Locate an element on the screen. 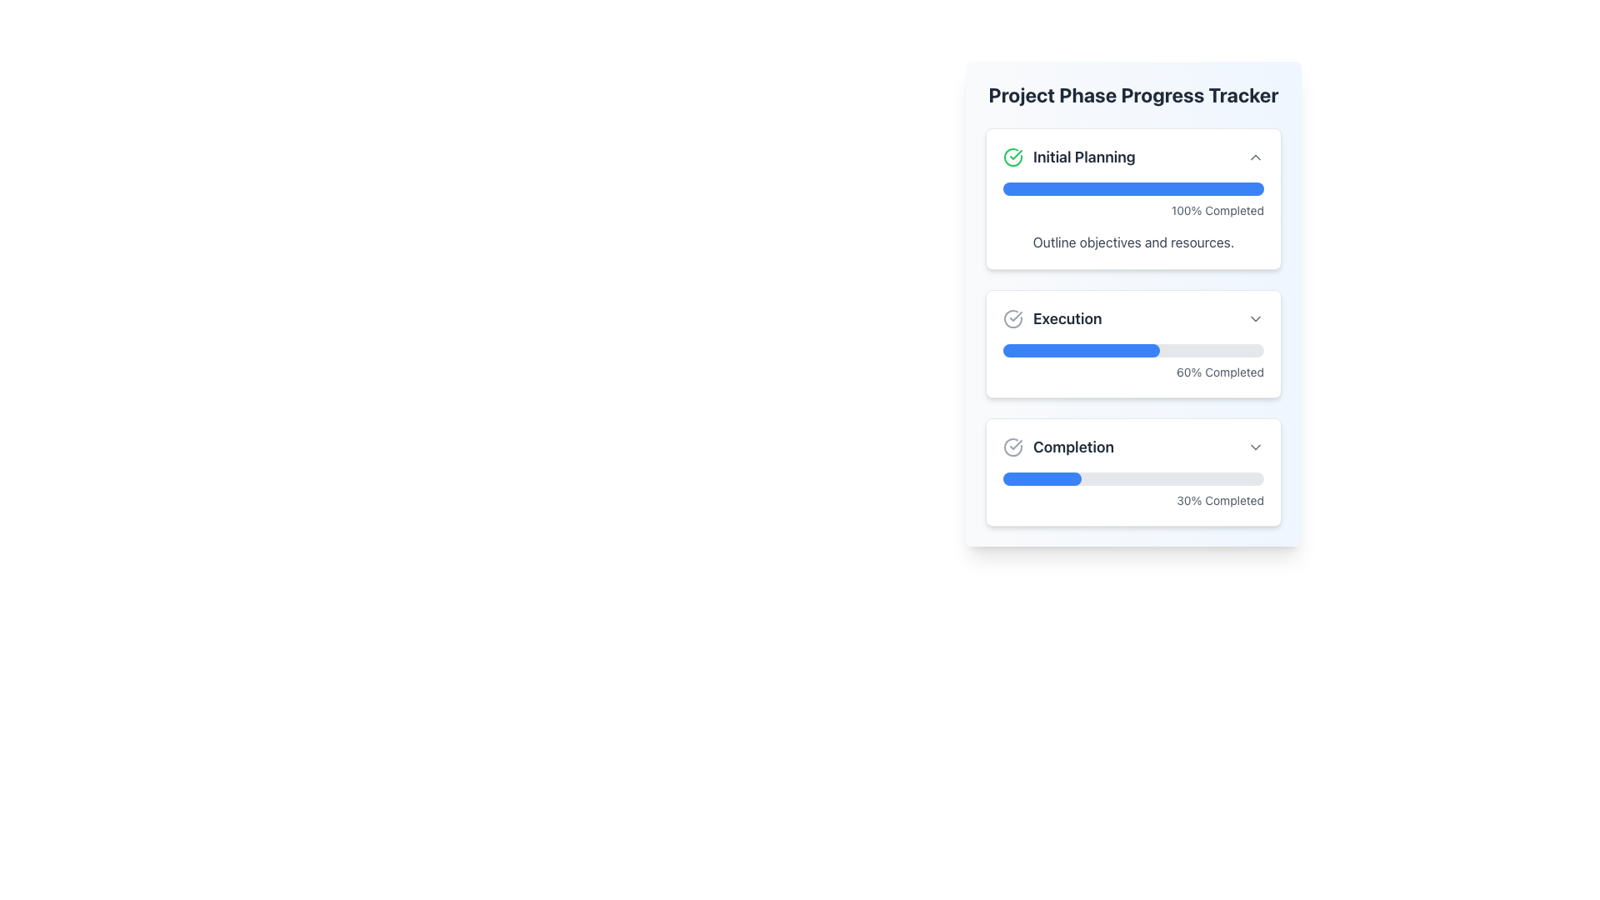 The image size is (1600, 900). the progress bar and completion percentage on the Information card titled 'Execution', which shows a blue progress bar indicating 60% completion and the text '60% Completed' in gray font is located at coordinates (1133, 342).